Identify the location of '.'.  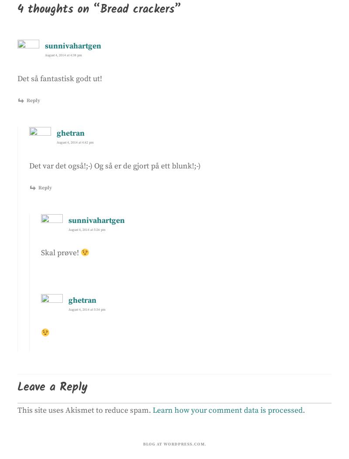
(304, 409).